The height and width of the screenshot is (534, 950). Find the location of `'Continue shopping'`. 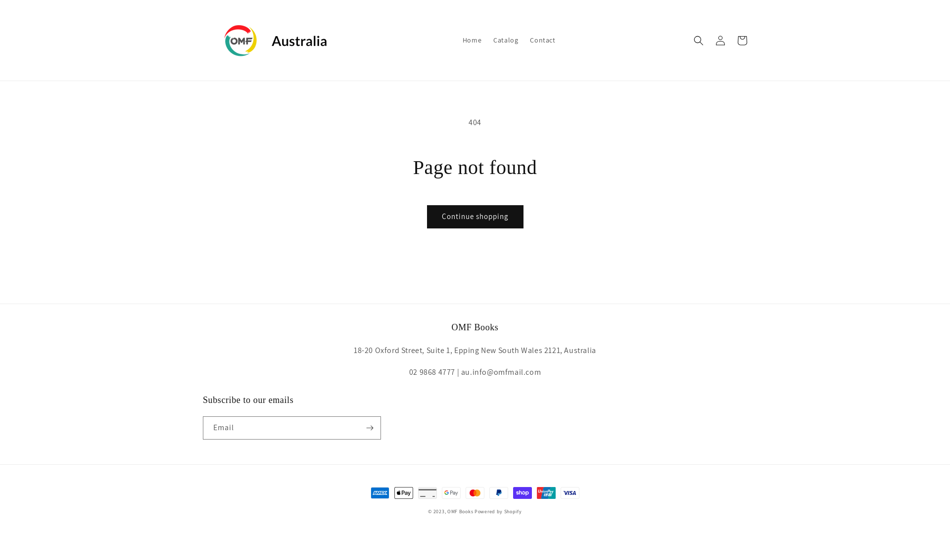

'Continue shopping' is located at coordinates (474, 216).